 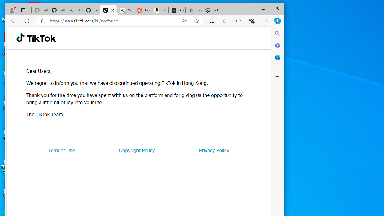 What do you see at coordinates (136, 150) in the screenshot?
I see `'Copyright Policy'` at bounding box center [136, 150].